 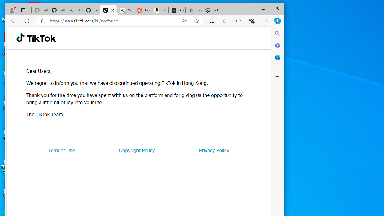 What do you see at coordinates (136, 150) in the screenshot?
I see `'Copyright Policy'` at bounding box center [136, 150].